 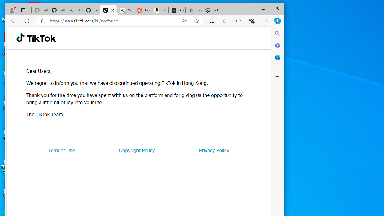 What do you see at coordinates (136, 150) in the screenshot?
I see `'Copyright Policy'` at bounding box center [136, 150].